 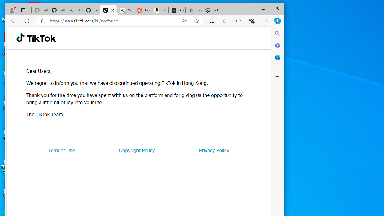 What do you see at coordinates (136, 150) in the screenshot?
I see `'Copyright Policy'` at bounding box center [136, 150].